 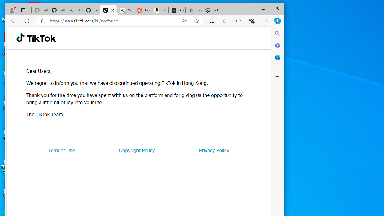 What do you see at coordinates (136, 150) in the screenshot?
I see `'Copyright Policy'` at bounding box center [136, 150].